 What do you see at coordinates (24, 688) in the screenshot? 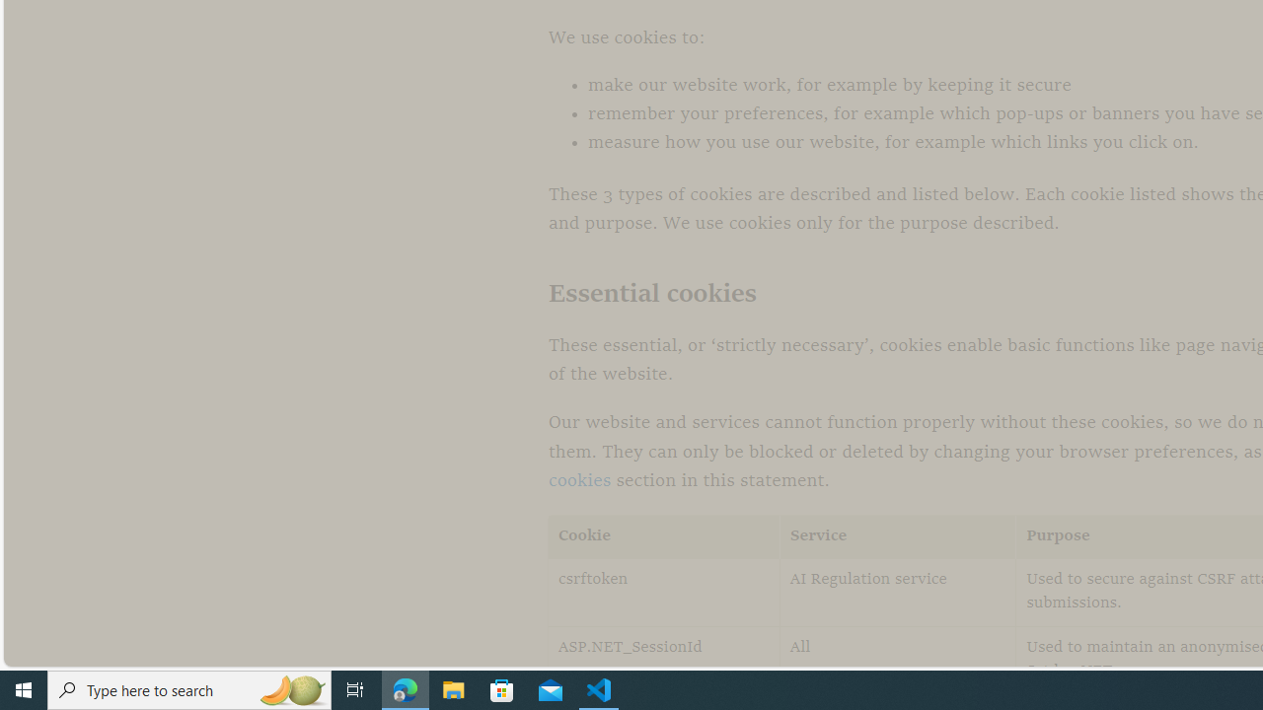
I see `'Start'` at bounding box center [24, 688].